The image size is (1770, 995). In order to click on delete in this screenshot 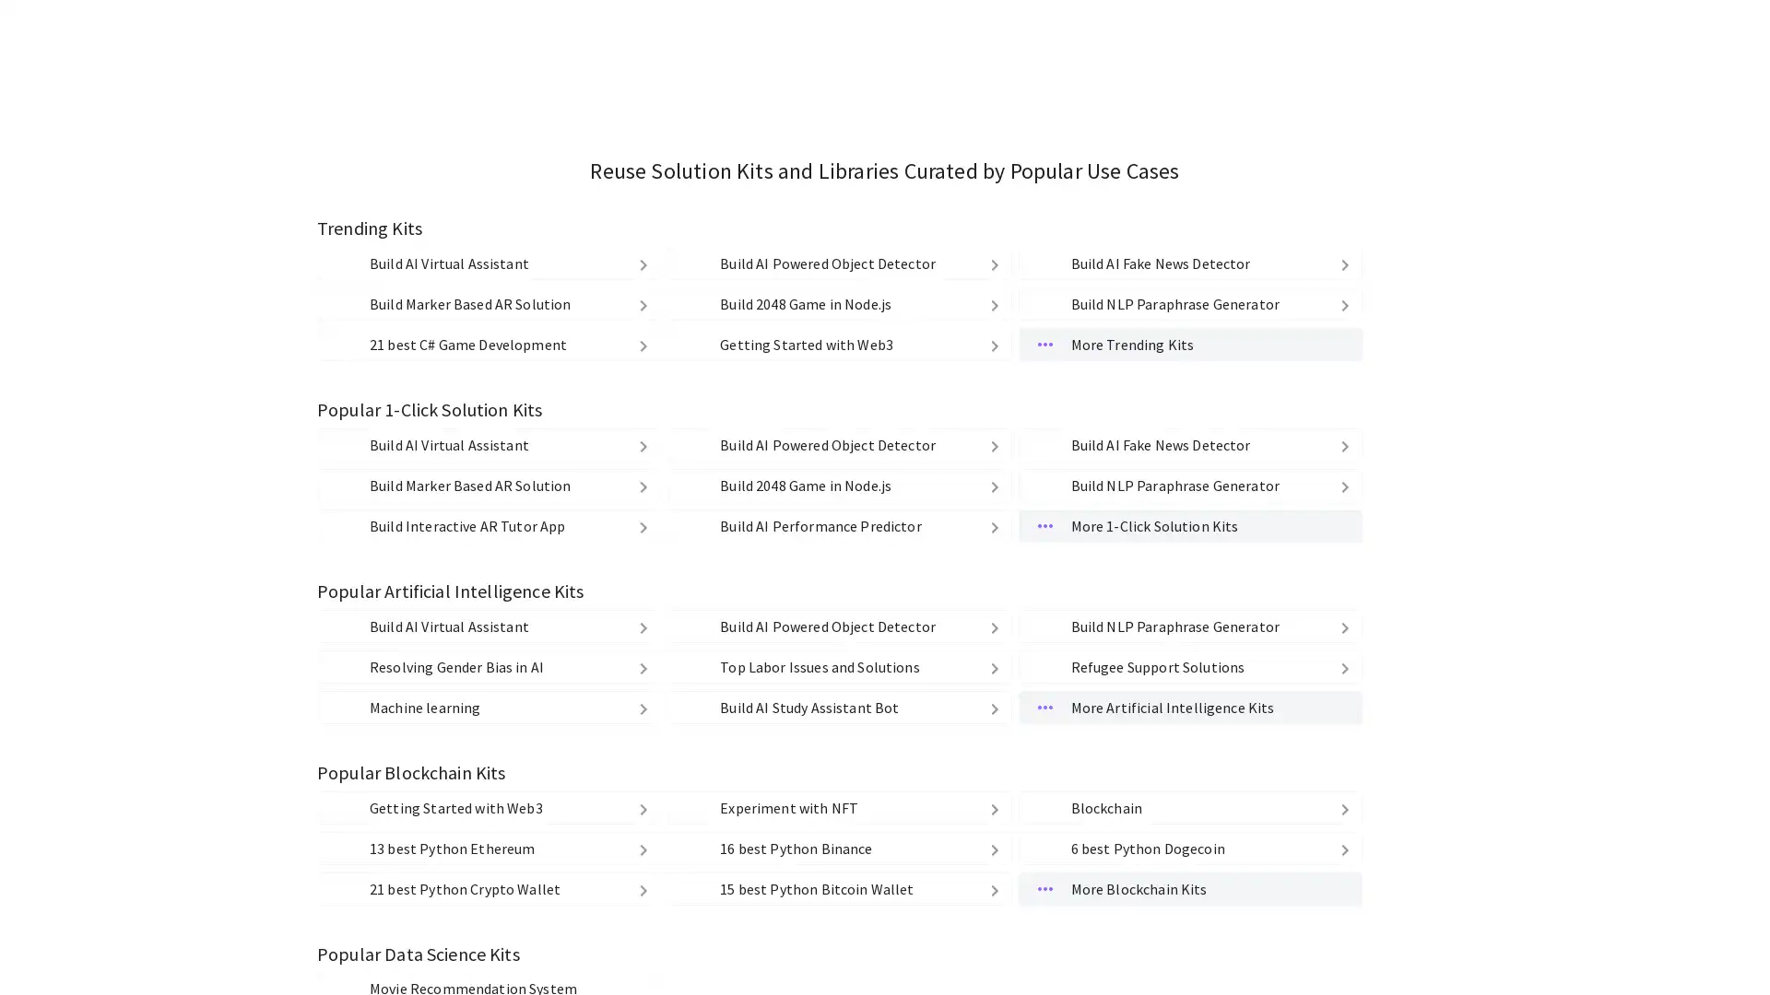, I will do `click(619, 908)`.